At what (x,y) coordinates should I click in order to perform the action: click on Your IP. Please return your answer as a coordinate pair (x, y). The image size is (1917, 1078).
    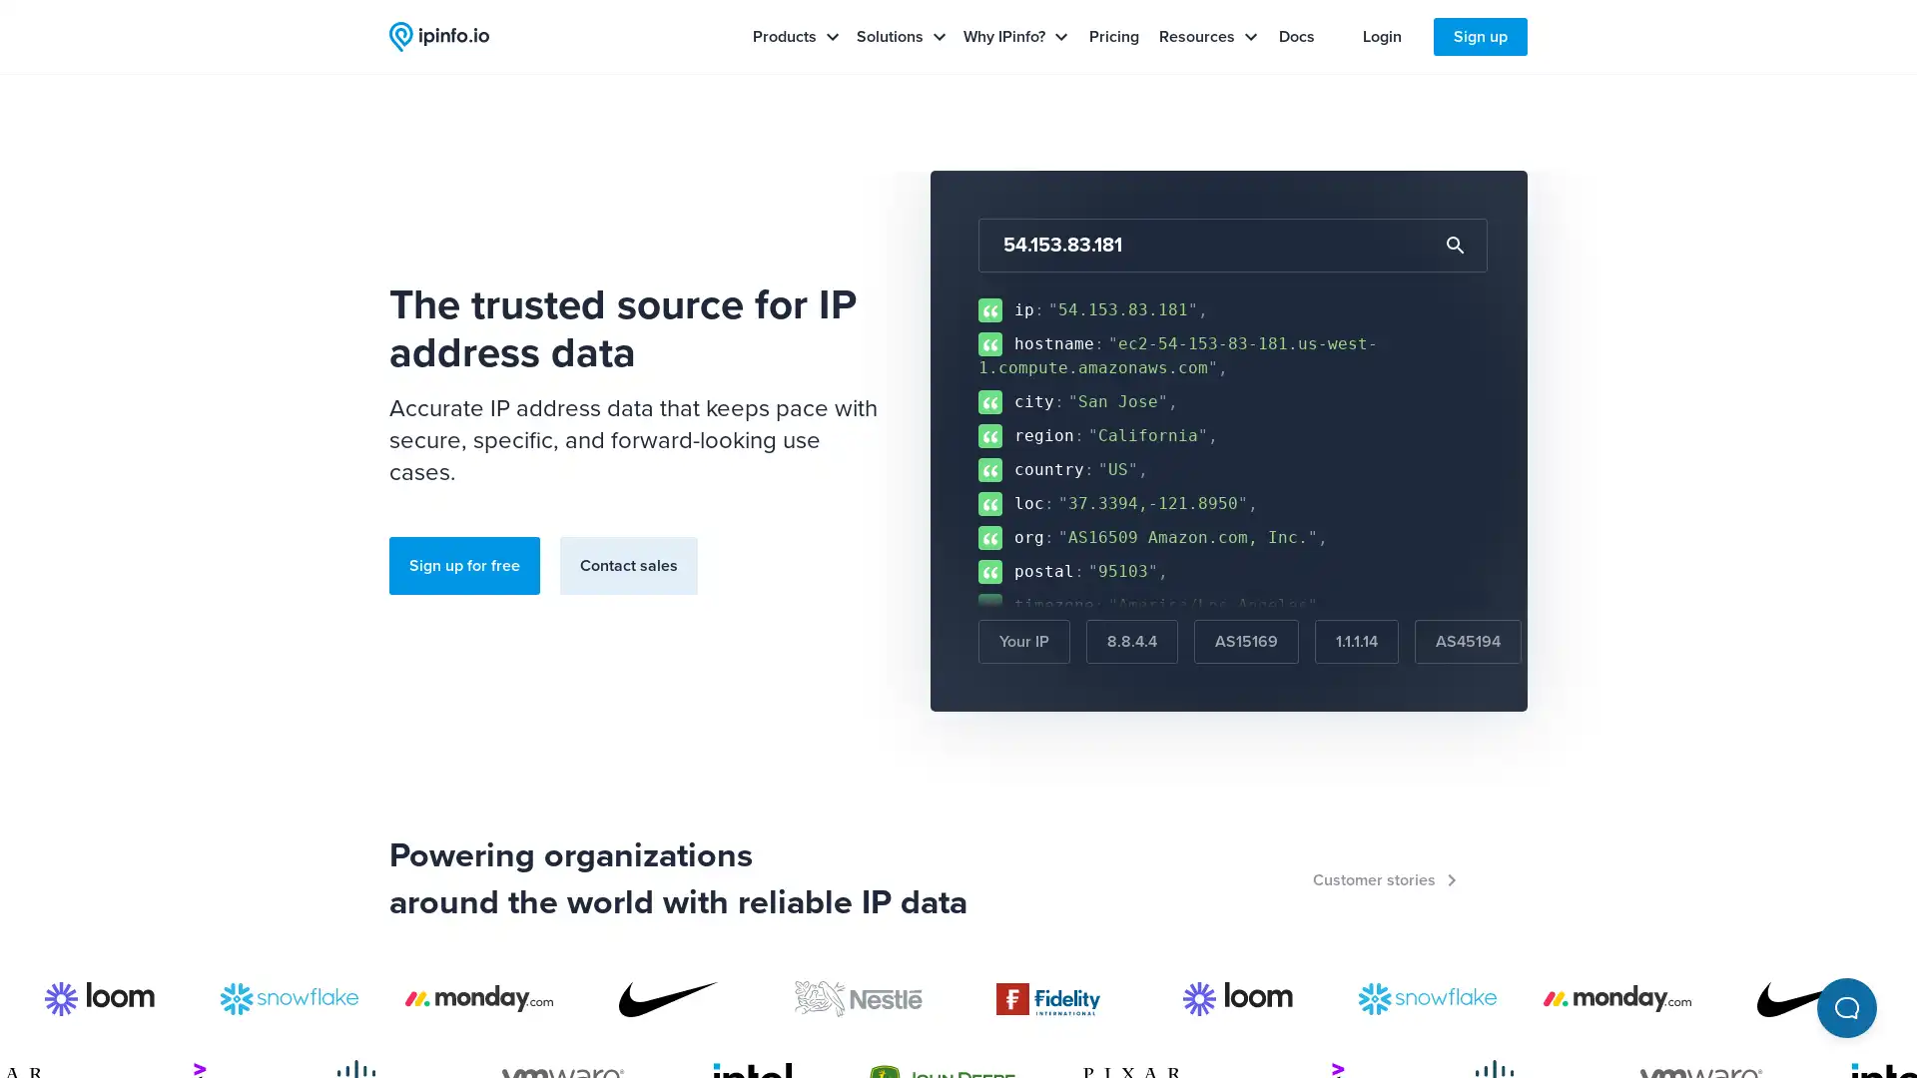
    Looking at the image, I should click on (1024, 642).